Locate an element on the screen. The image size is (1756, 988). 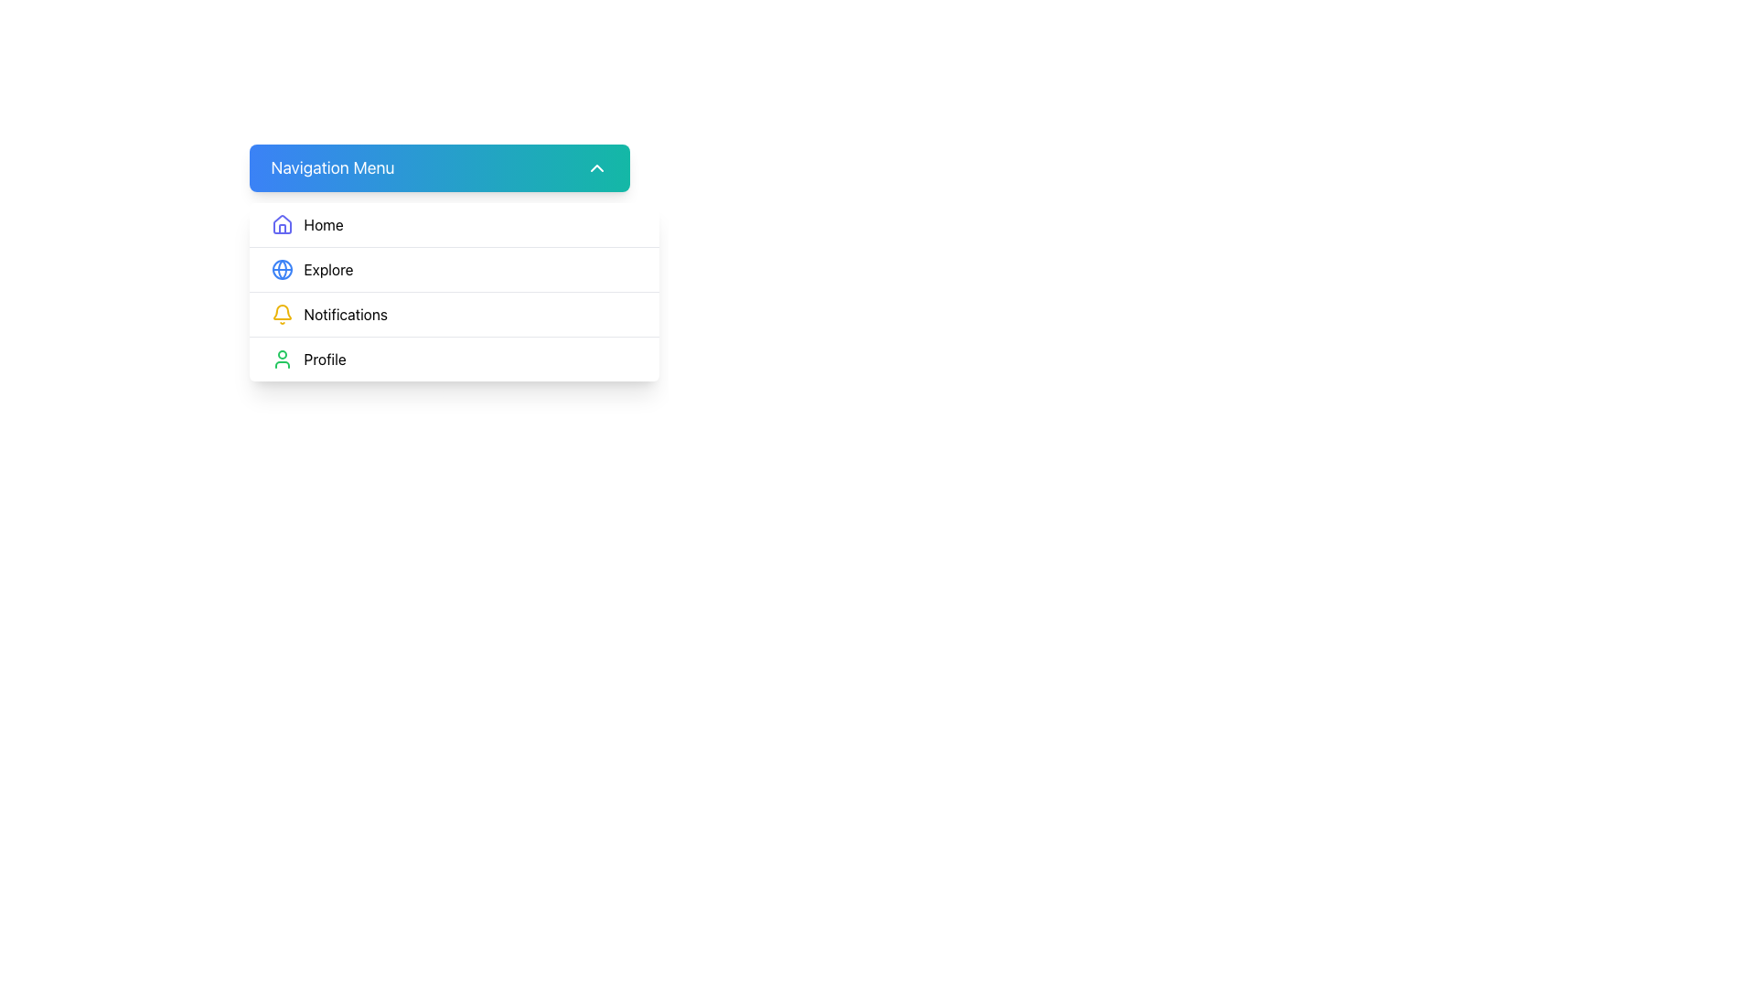
the 'Home' icon in the navigation menu, which is the first element on the left side of the 'Home' menu item is located at coordinates (281, 223).